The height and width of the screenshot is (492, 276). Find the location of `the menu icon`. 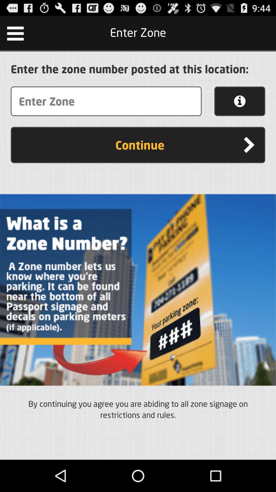

the menu icon is located at coordinates (15, 35).